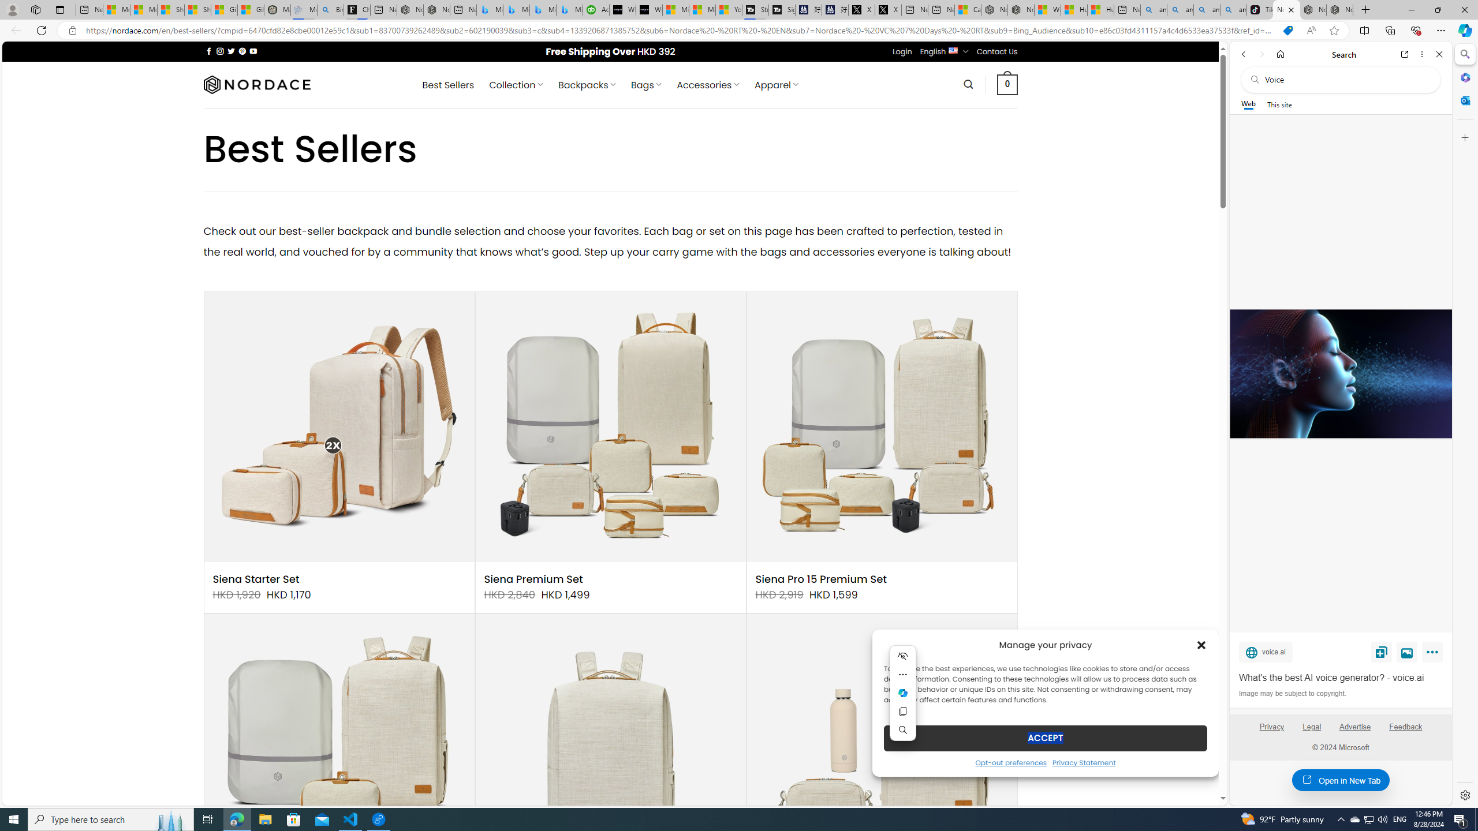 This screenshot has width=1478, height=831. Describe the element at coordinates (1083, 762) in the screenshot. I see `'Privacy Statement'` at that location.